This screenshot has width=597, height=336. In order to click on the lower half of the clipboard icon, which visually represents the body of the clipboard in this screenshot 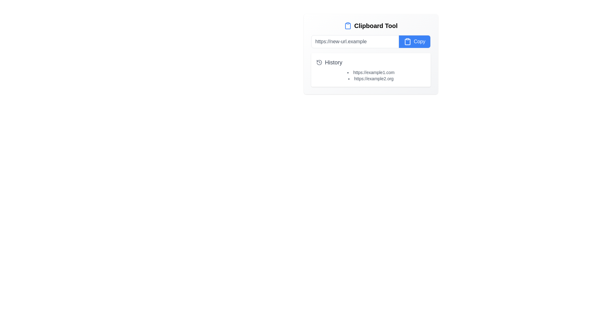, I will do `click(407, 42)`.